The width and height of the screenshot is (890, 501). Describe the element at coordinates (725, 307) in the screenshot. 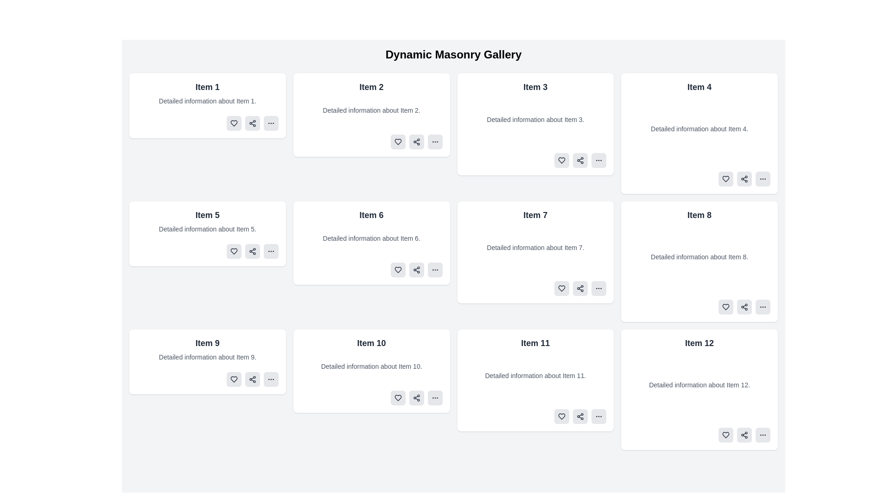

I see `the heart-shaped icon button located at the bottom-right corner of the card labeled 'Item 8' to like or unlike the associated item` at that location.